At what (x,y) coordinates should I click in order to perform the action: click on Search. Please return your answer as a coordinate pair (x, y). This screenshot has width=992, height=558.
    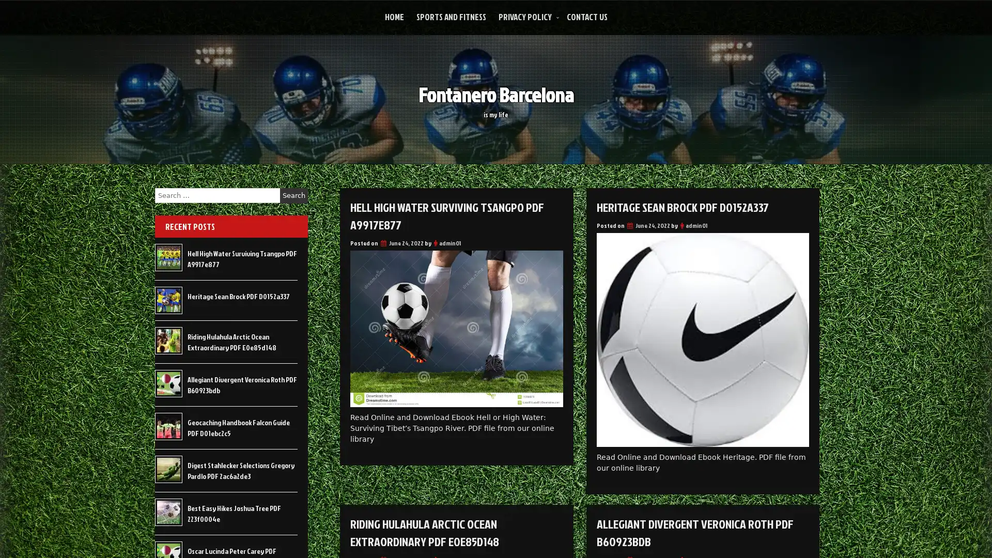
    Looking at the image, I should click on (293, 195).